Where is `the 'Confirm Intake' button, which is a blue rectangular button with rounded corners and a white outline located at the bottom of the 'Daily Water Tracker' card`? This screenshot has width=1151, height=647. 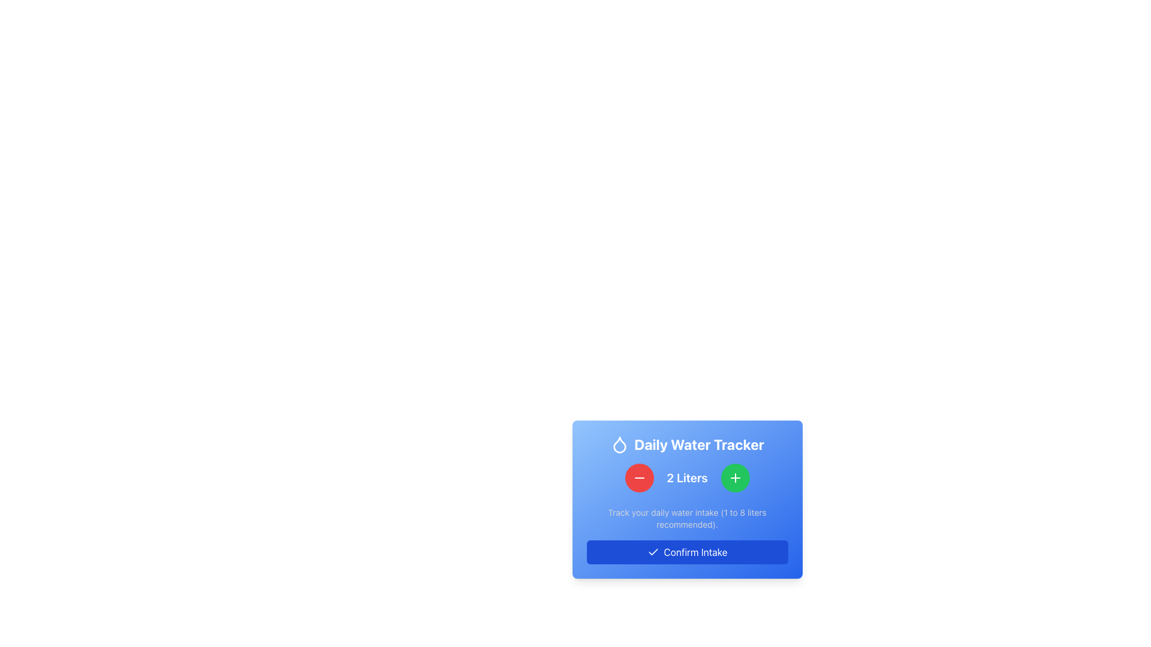 the 'Confirm Intake' button, which is a blue rectangular button with rounded corners and a white outline located at the bottom of the 'Daily Water Tracker' card is located at coordinates (687, 552).